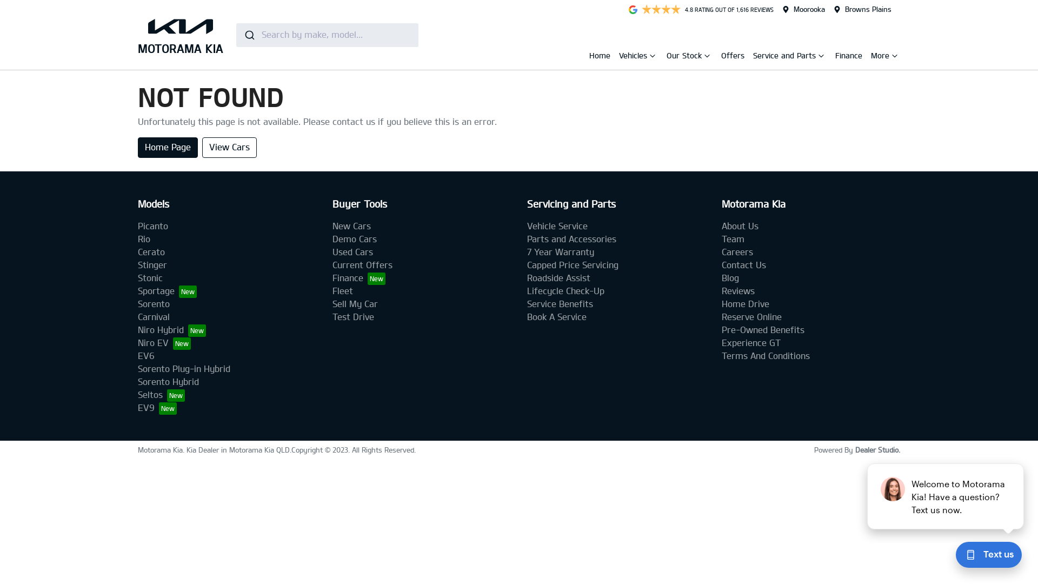 The height and width of the screenshot is (584, 1038). Describe the element at coordinates (167, 148) in the screenshot. I see `'Home Page'` at that location.